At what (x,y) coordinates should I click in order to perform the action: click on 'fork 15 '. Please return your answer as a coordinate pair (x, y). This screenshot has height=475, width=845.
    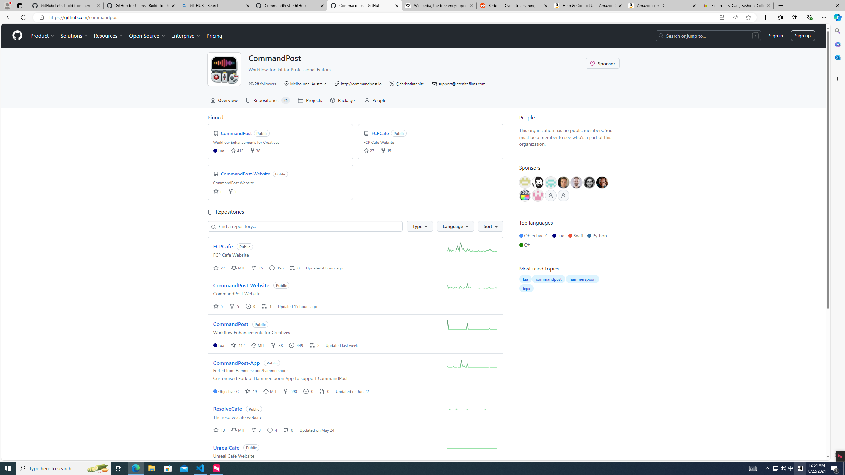
    Looking at the image, I should click on (257, 268).